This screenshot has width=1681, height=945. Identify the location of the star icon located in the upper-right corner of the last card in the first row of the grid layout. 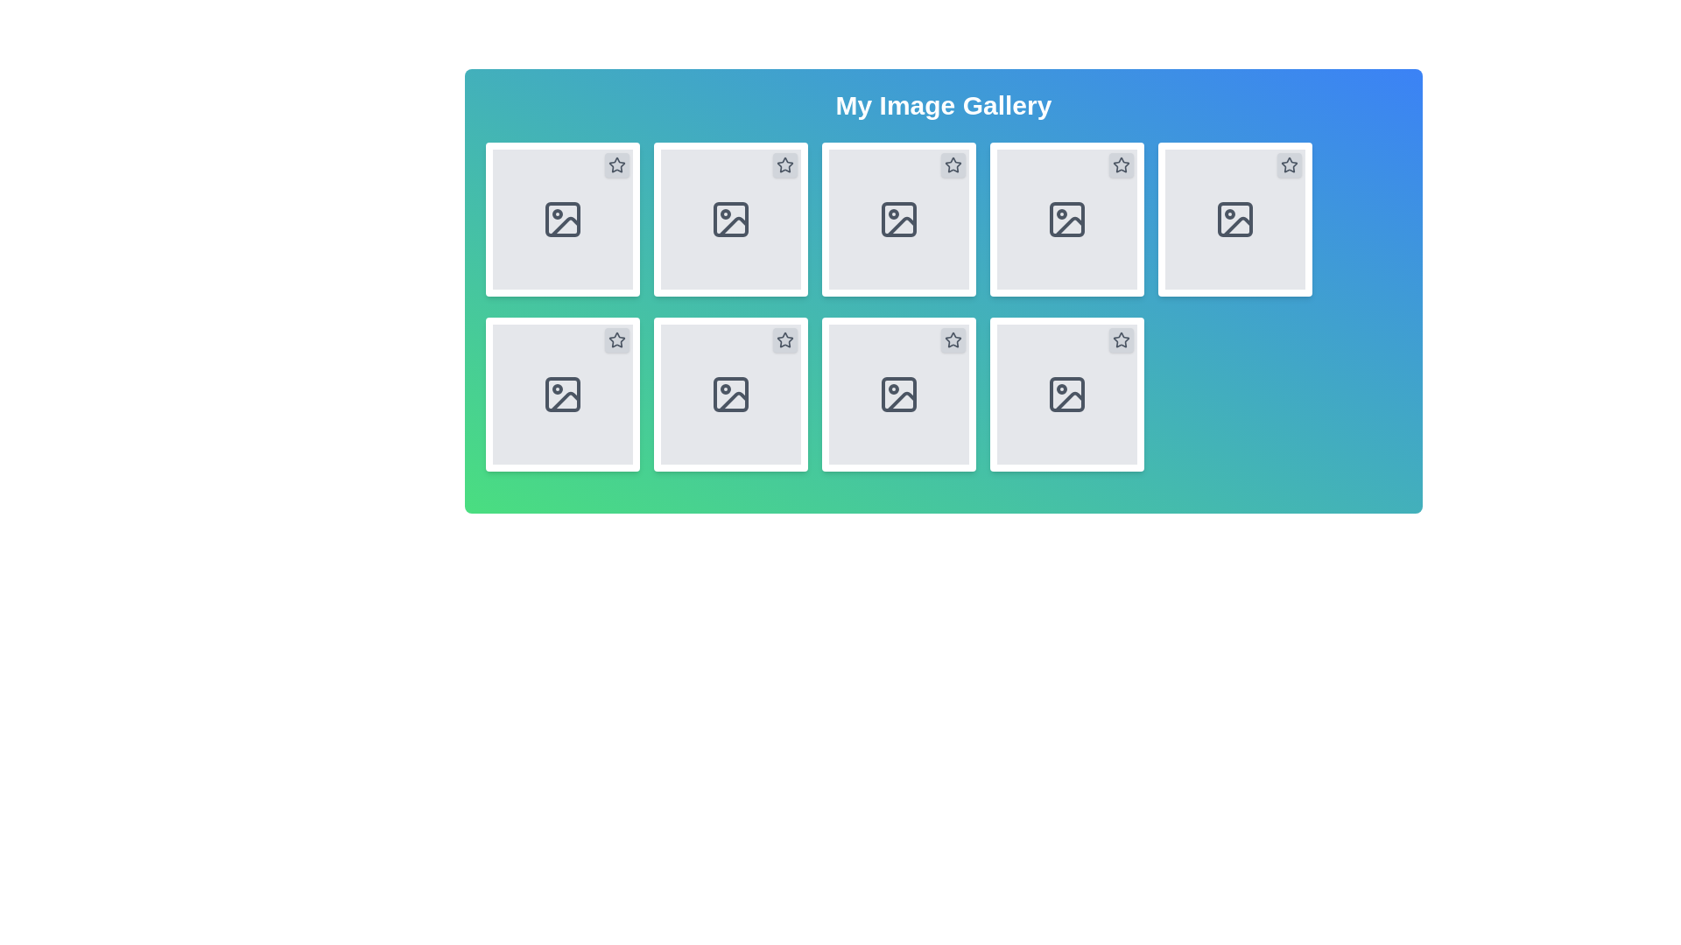
(1122, 165).